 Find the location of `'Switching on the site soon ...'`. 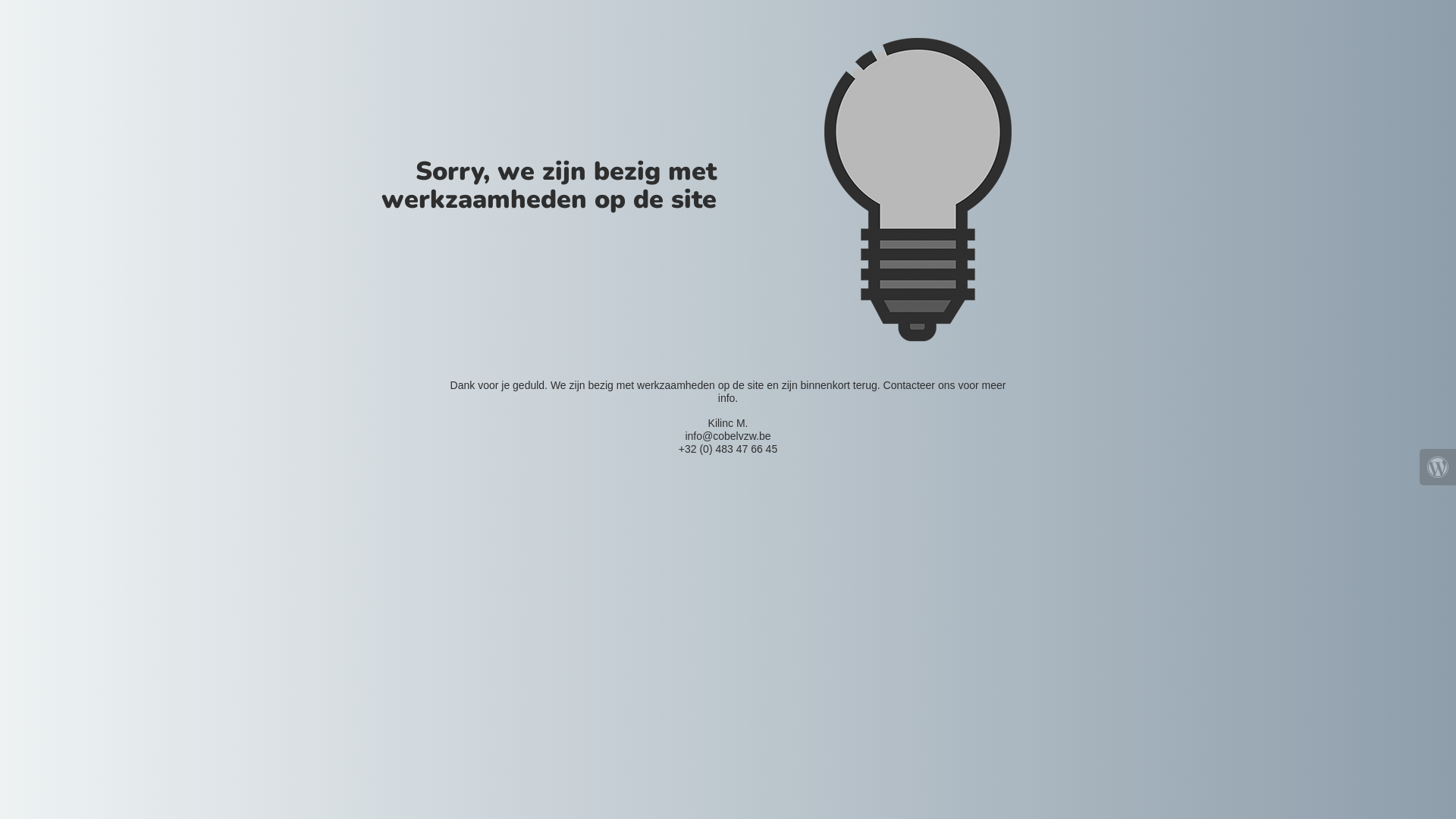

'Switching on the site soon ...' is located at coordinates (916, 189).